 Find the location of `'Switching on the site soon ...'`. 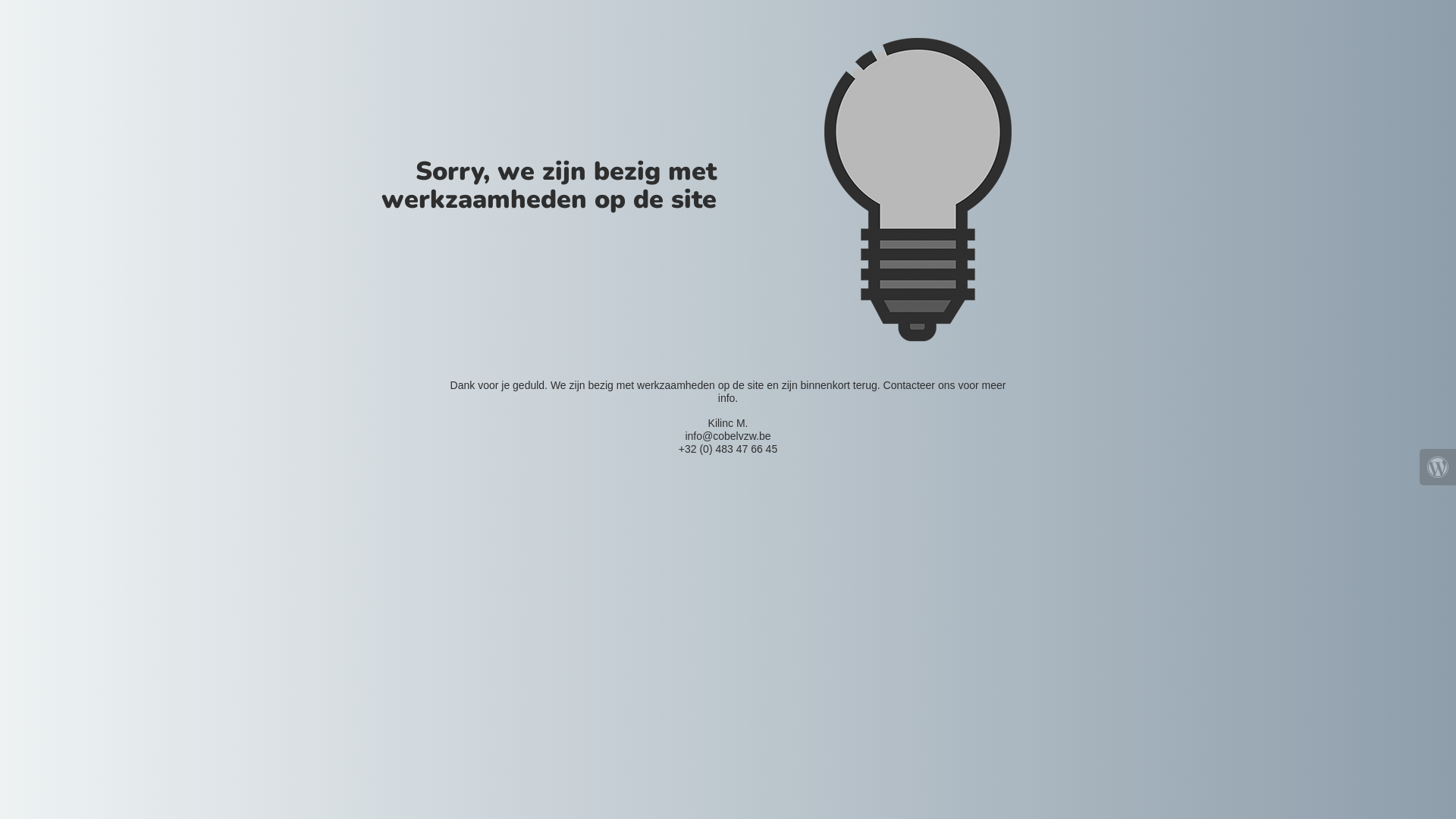

'Switching on the site soon ...' is located at coordinates (916, 189).